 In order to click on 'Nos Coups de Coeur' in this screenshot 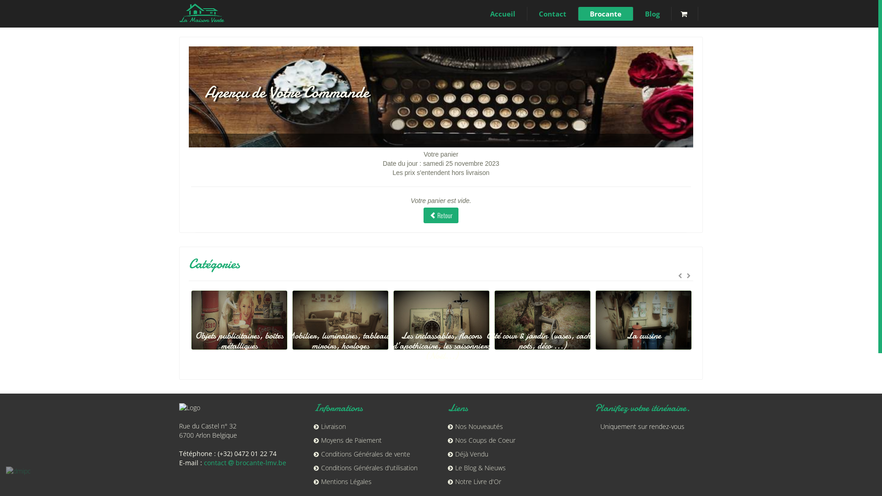, I will do `click(481, 440)`.